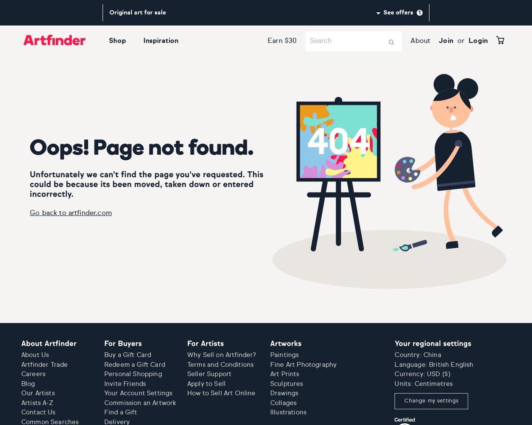 Image resolution: width=532 pixels, height=425 pixels. Describe the element at coordinates (395, 354) in the screenshot. I see `'Country: China'` at that location.